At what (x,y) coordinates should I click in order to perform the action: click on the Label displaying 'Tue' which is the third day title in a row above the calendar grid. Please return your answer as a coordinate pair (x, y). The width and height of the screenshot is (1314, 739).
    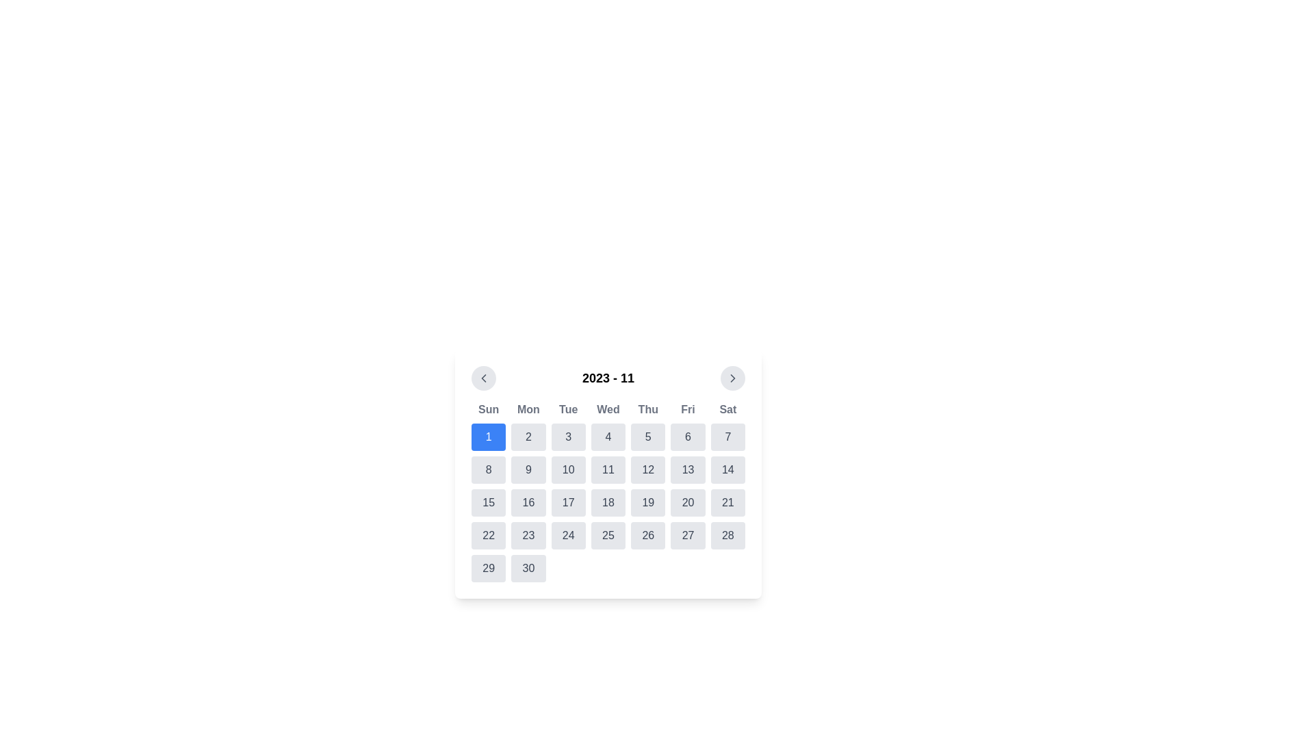
    Looking at the image, I should click on (568, 409).